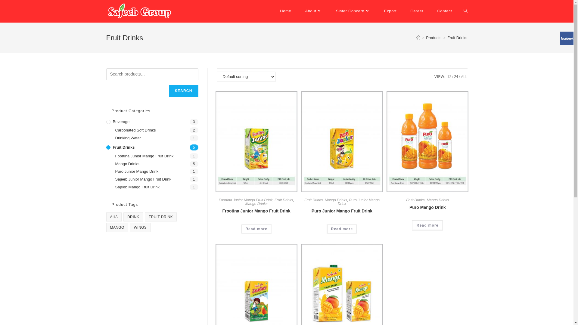 The width and height of the screenshot is (578, 325). I want to click on 'Frootina Junior Mango Fruit Drink', so click(256, 211).